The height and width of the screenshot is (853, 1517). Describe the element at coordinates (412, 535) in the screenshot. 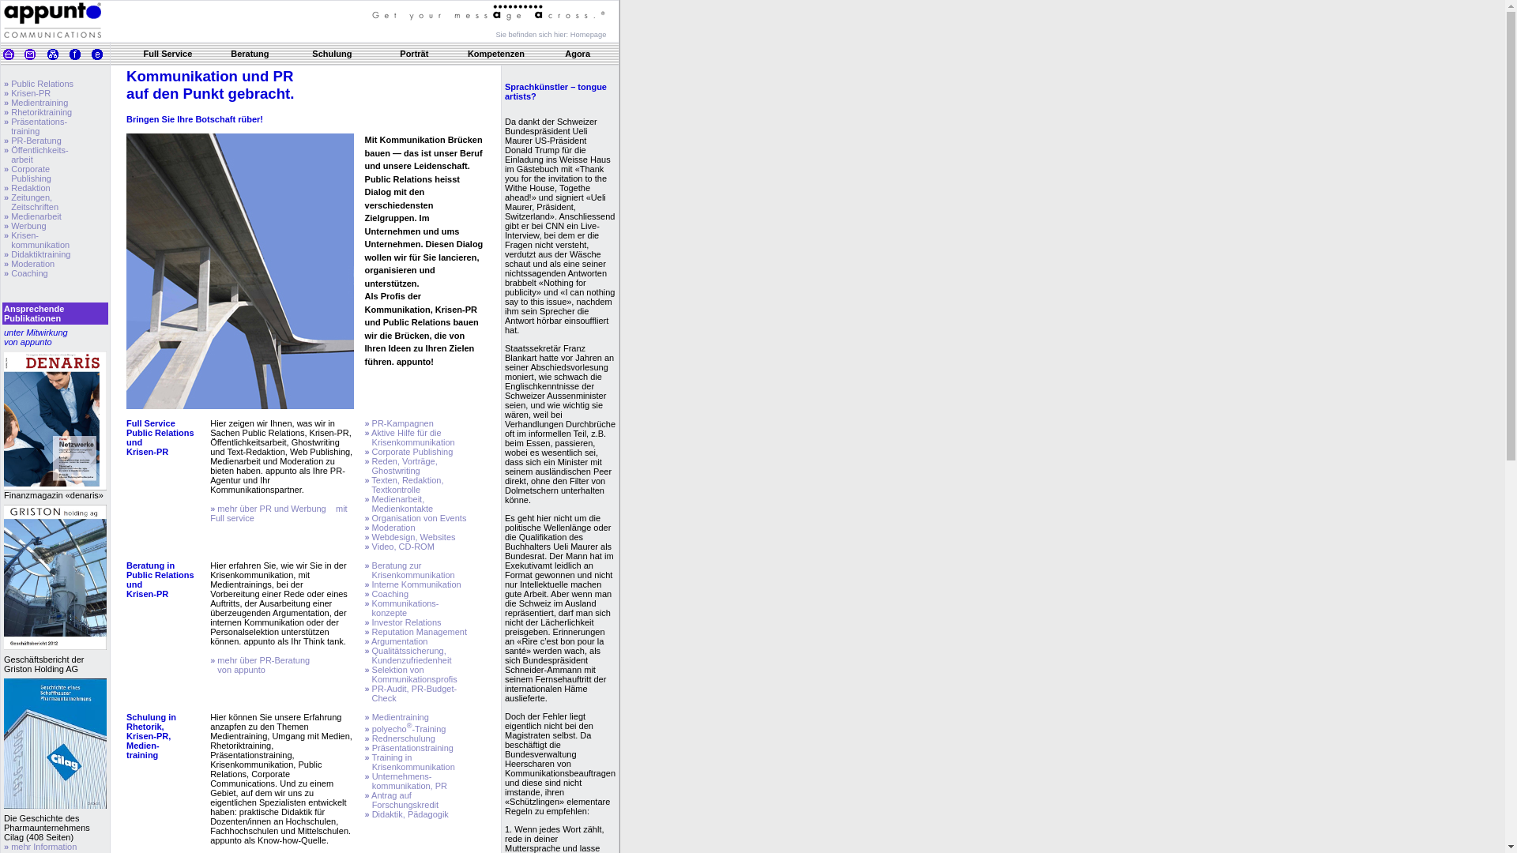

I see `'Webdesign, Websites'` at that location.